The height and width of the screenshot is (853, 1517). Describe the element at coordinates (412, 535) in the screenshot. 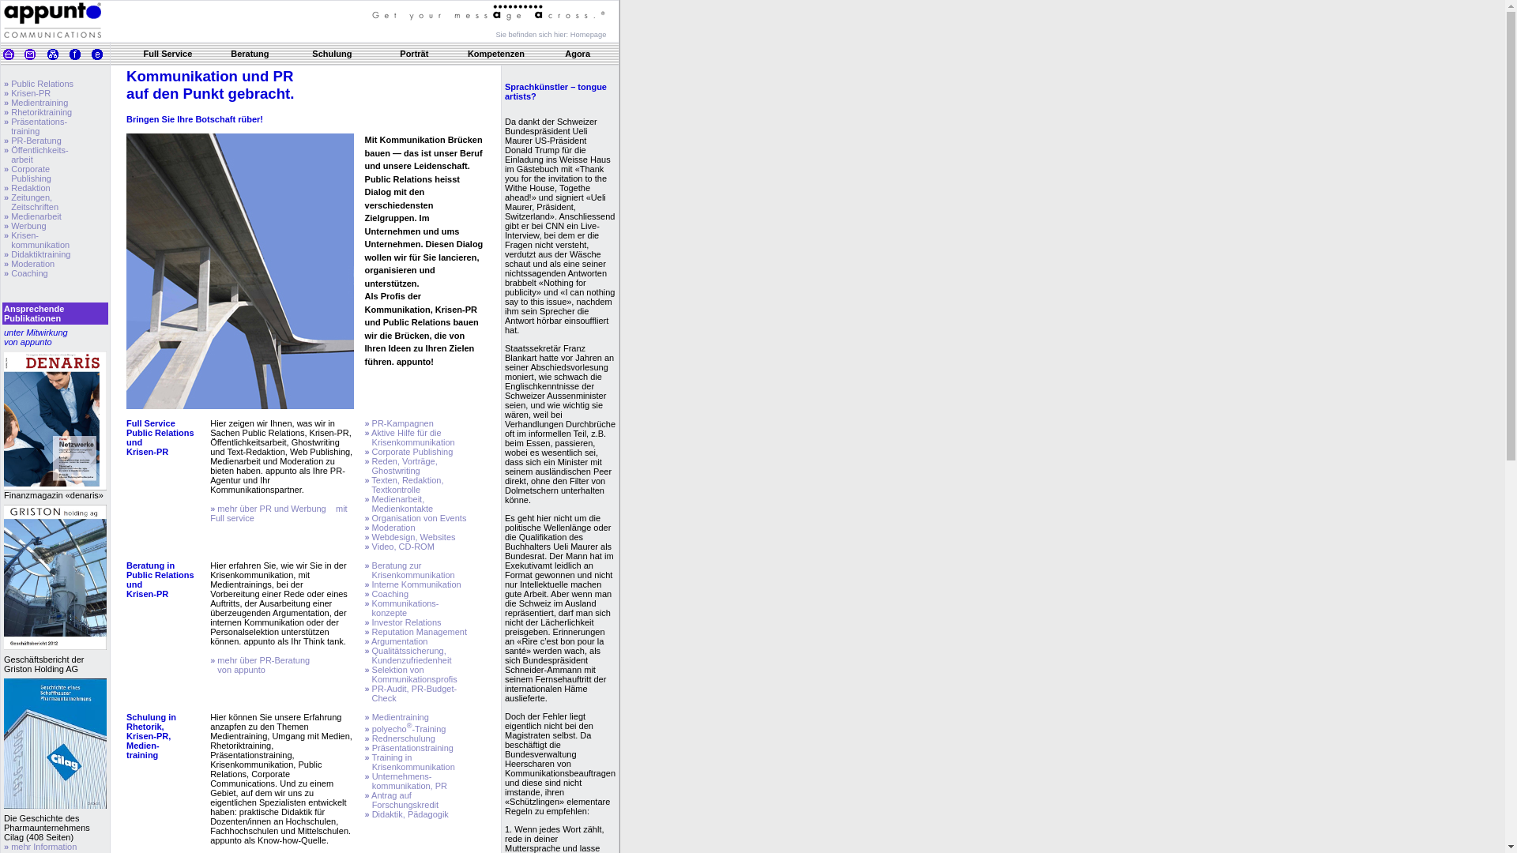

I see `'Webdesign, Websites'` at that location.